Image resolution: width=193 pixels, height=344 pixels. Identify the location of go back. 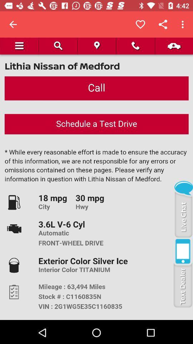
(13, 24).